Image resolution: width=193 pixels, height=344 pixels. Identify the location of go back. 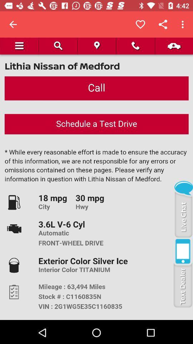
(13, 24).